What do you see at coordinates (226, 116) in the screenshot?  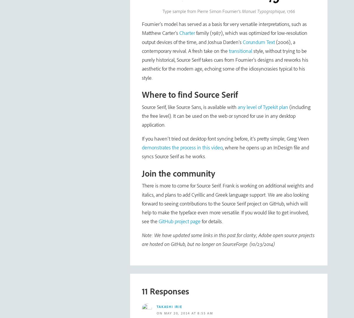 I see `'(including the free level). It can be used on the web or synced for use in any desktop application.'` at bounding box center [226, 116].